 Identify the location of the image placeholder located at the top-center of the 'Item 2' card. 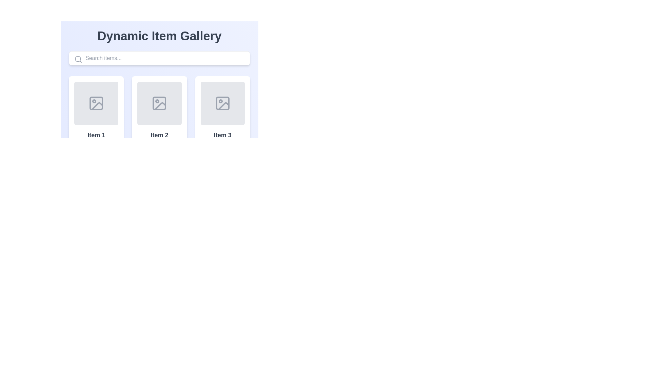
(159, 103).